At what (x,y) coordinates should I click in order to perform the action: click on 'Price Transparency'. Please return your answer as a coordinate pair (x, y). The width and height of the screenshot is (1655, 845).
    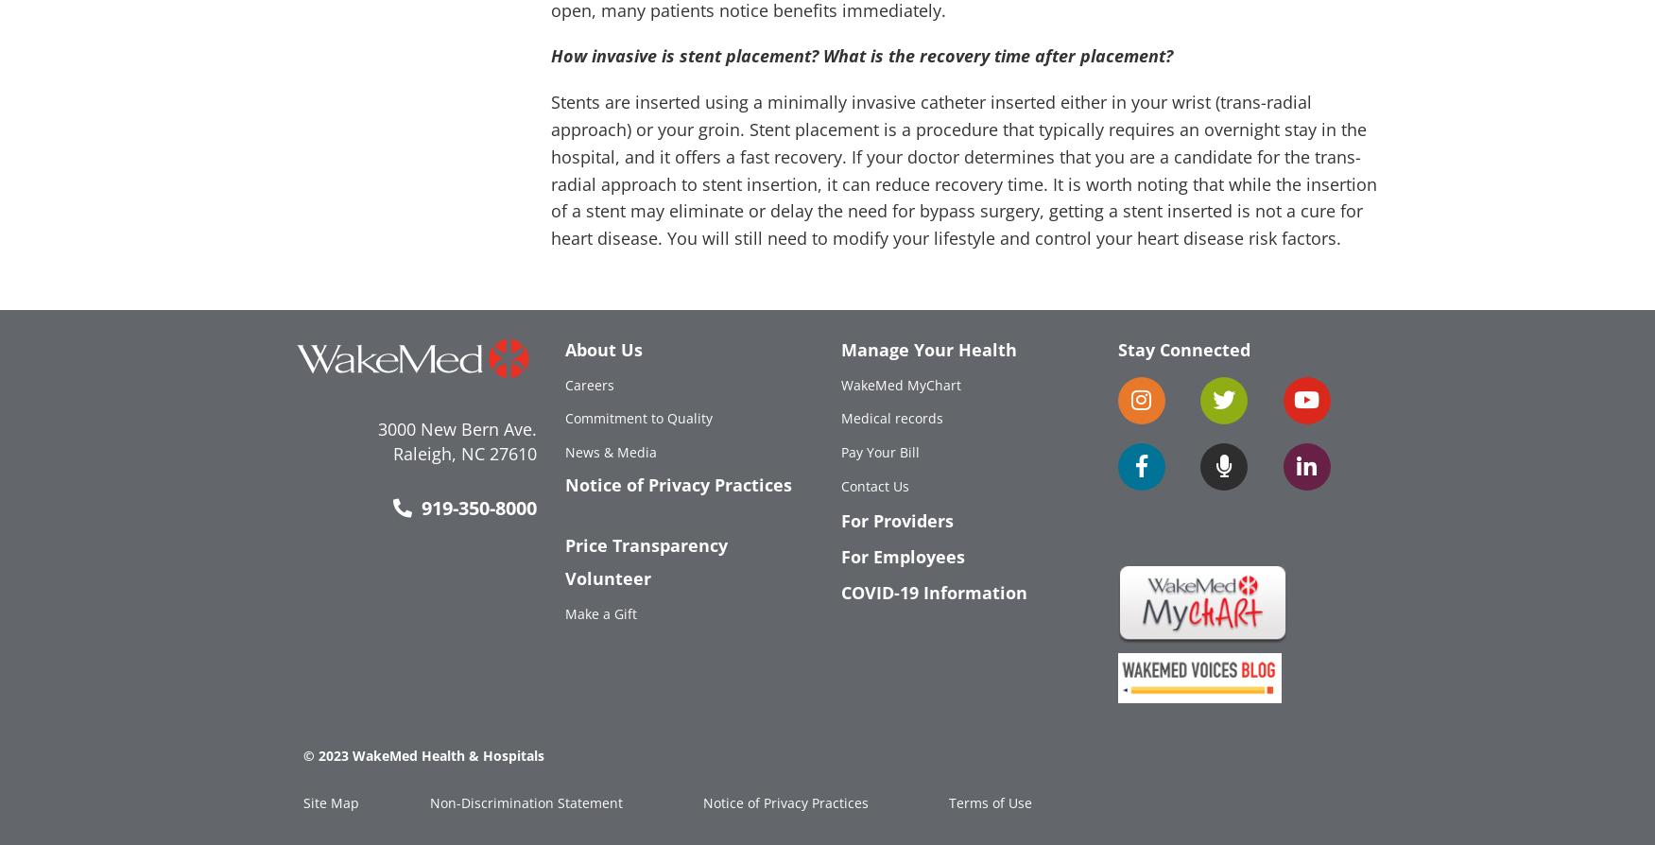
    Looking at the image, I should click on (646, 544).